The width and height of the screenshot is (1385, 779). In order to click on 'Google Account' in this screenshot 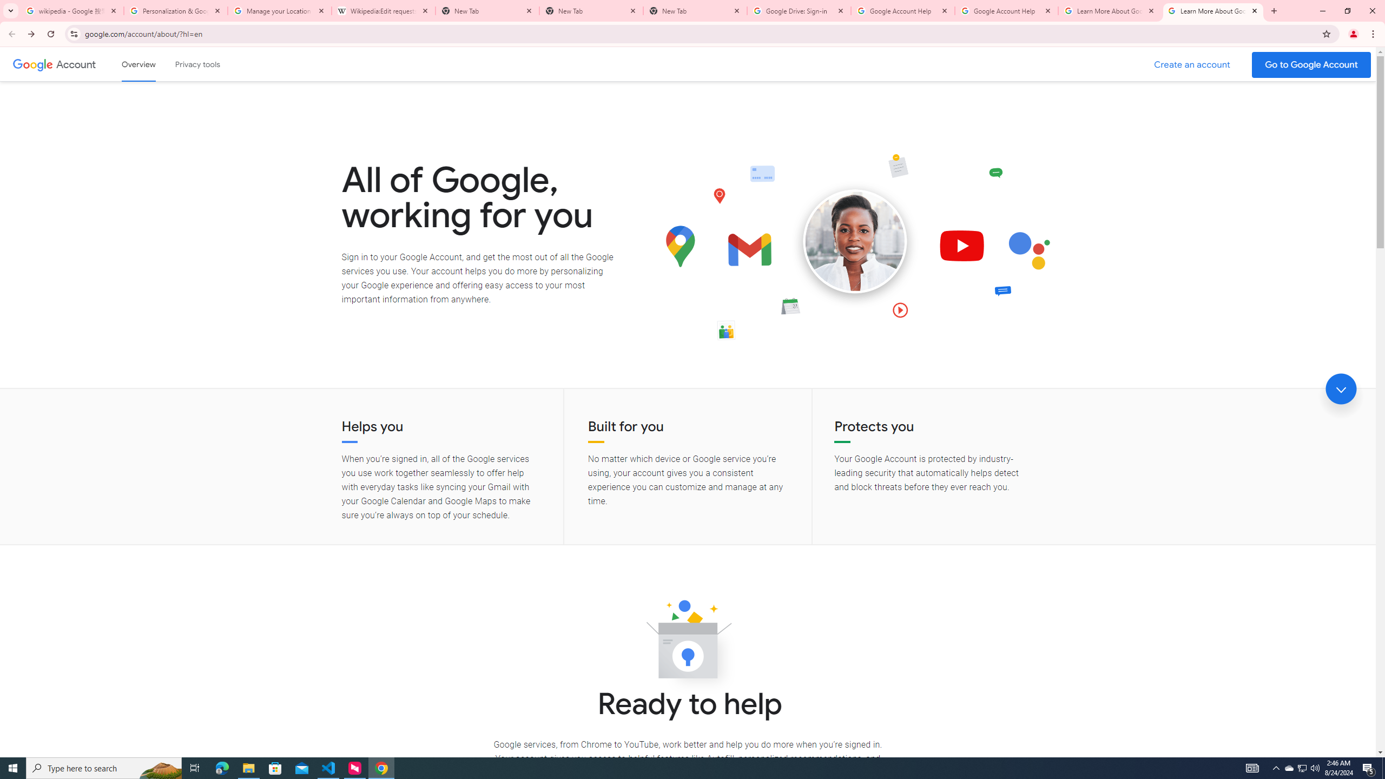, I will do `click(77, 64)`.